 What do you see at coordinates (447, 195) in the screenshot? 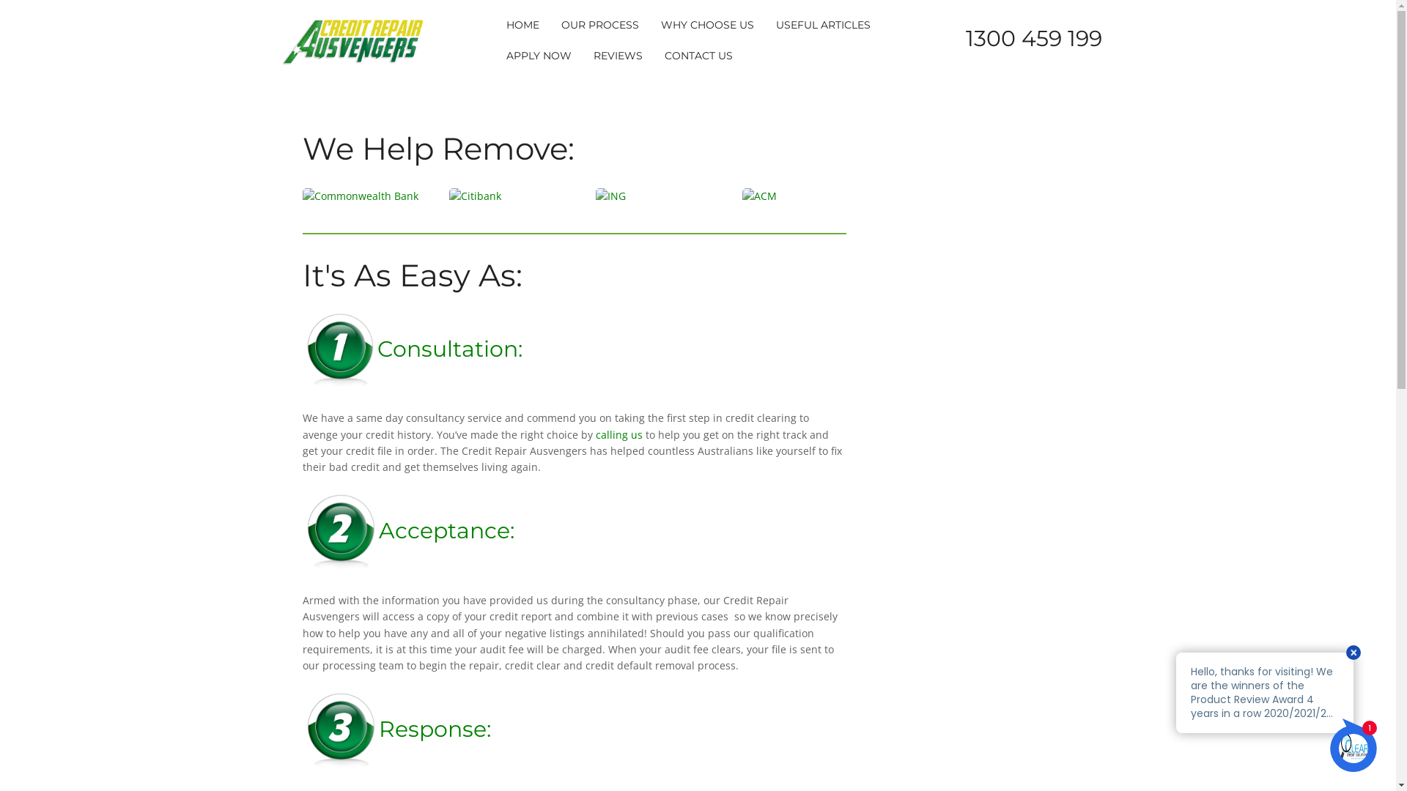
I see `'Citibank'` at bounding box center [447, 195].